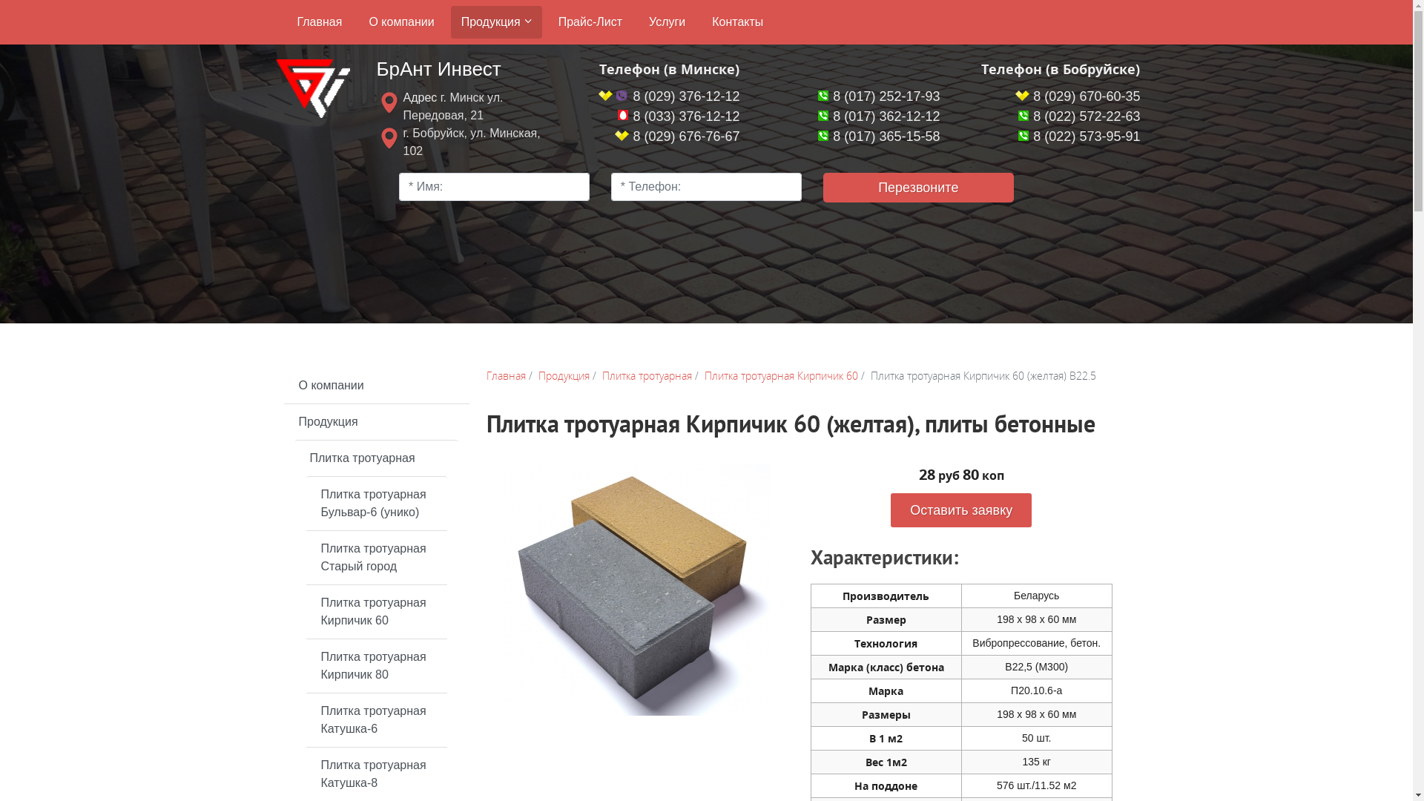  What do you see at coordinates (1014, 96) in the screenshot?
I see `'8 (029) 670-60-35'` at bounding box center [1014, 96].